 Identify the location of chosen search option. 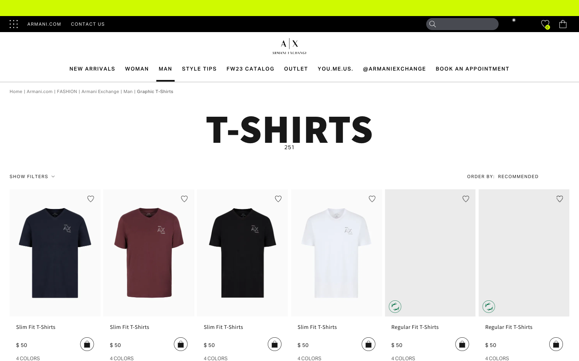
(523, 176).